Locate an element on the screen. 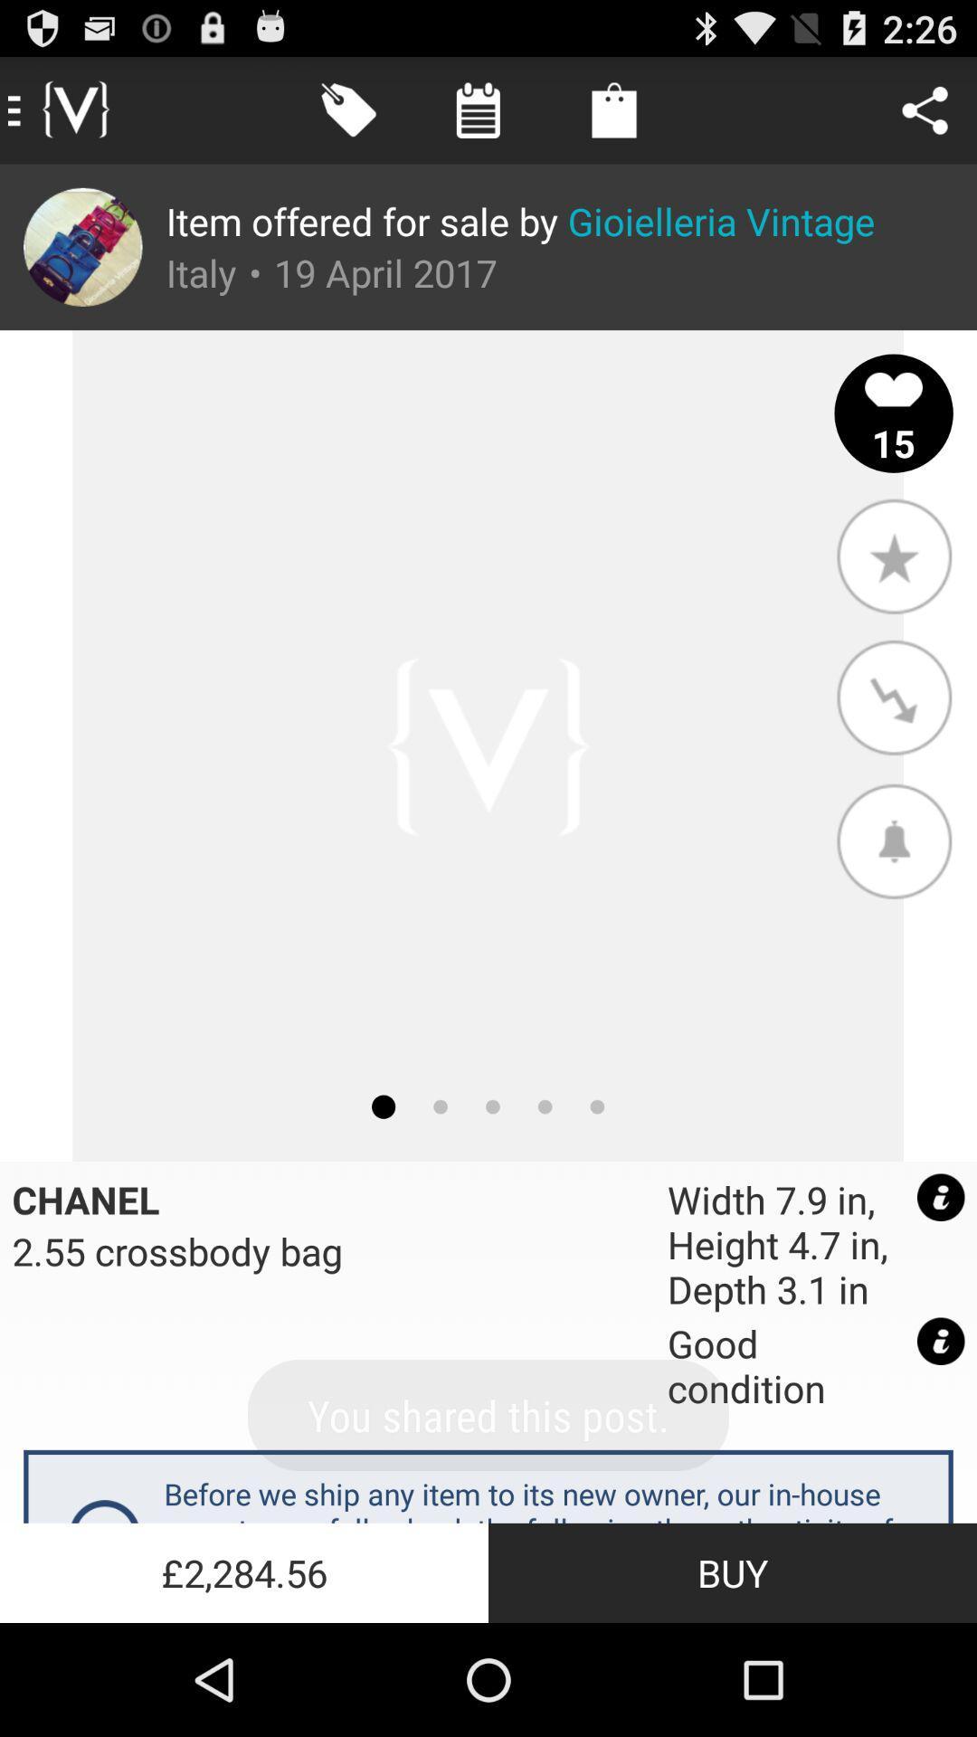 The height and width of the screenshot is (1737, 977). the app next to the item offered for app is located at coordinates (82, 246).